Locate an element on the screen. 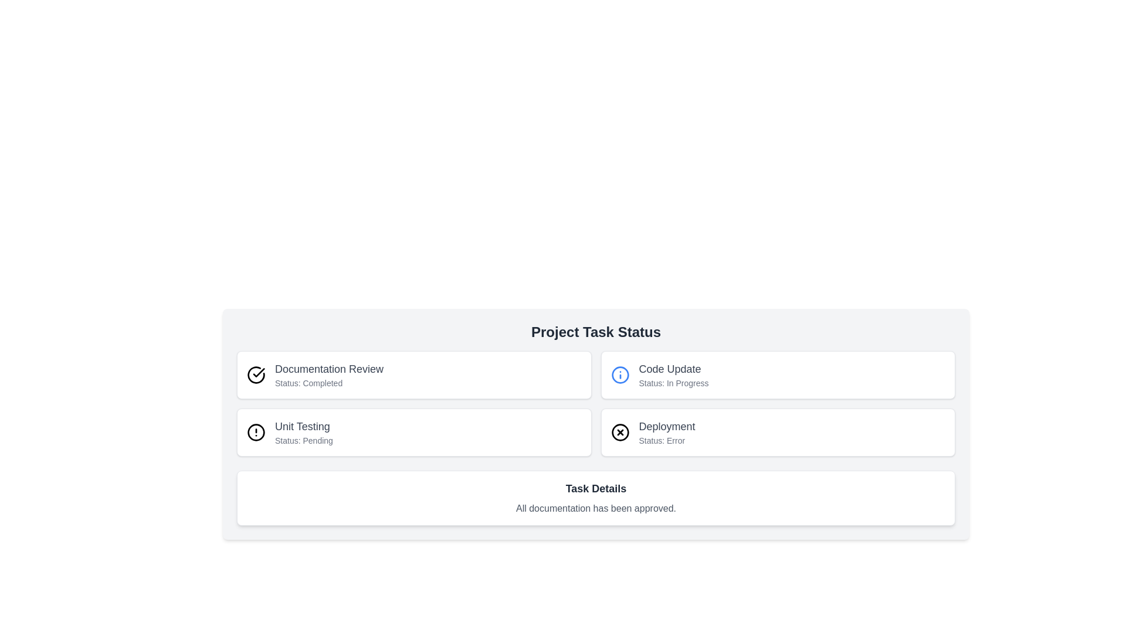  the 'Documentation Review' interactive card in the 'Project Task Status' section to interact with it is located at coordinates (414, 375).